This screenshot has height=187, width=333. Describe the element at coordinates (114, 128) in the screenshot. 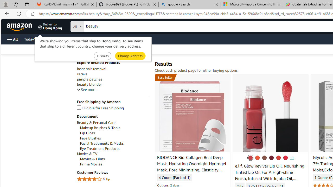

I see `'Makeup Brushes & Tools'` at that location.